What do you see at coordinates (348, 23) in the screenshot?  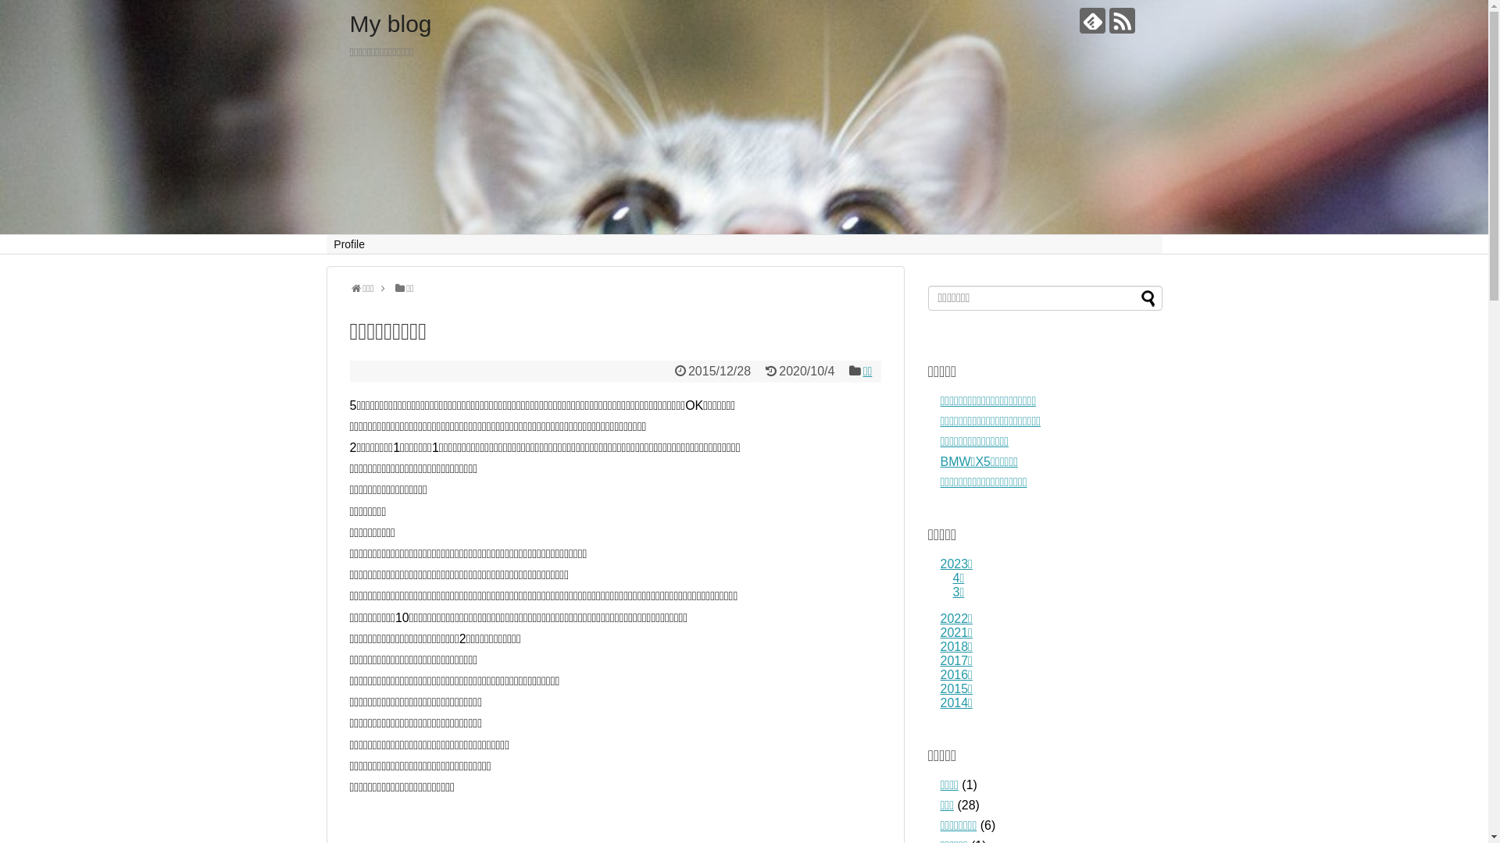 I see `'My blog'` at bounding box center [348, 23].